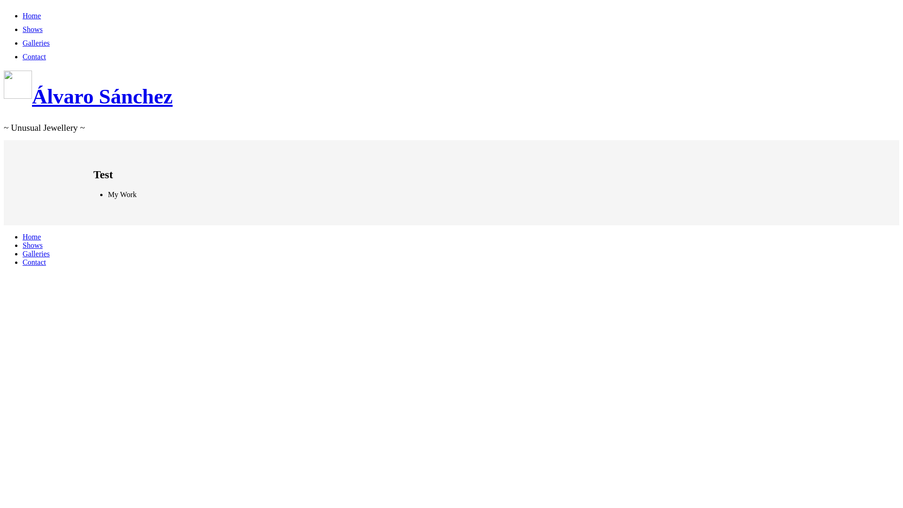 This screenshot has width=903, height=508. Describe the element at coordinates (32, 245) in the screenshot. I see `'Shows'` at that location.